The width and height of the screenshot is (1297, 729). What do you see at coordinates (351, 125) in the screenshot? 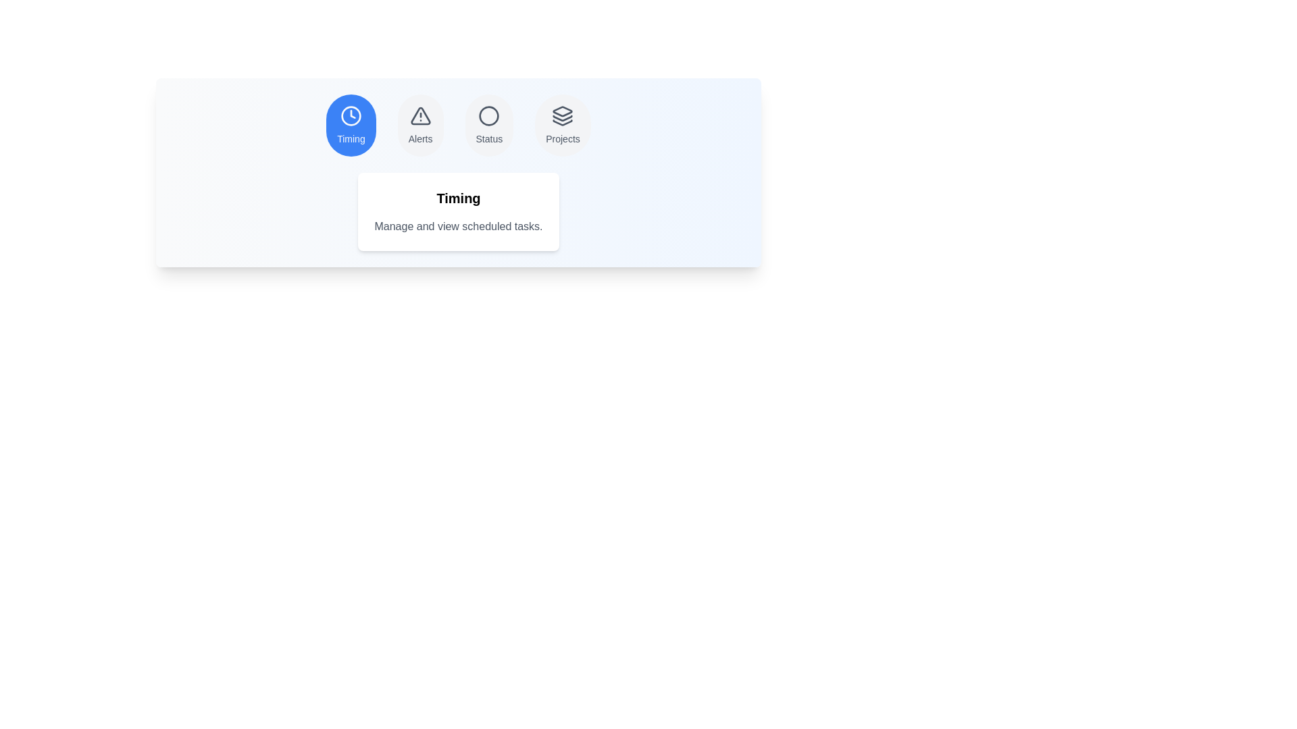
I see `the tab labeled Timing to observe the hover effect` at bounding box center [351, 125].